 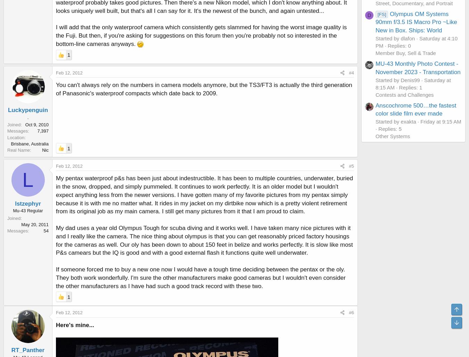 I want to click on 'Real Name', so click(x=18, y=150).